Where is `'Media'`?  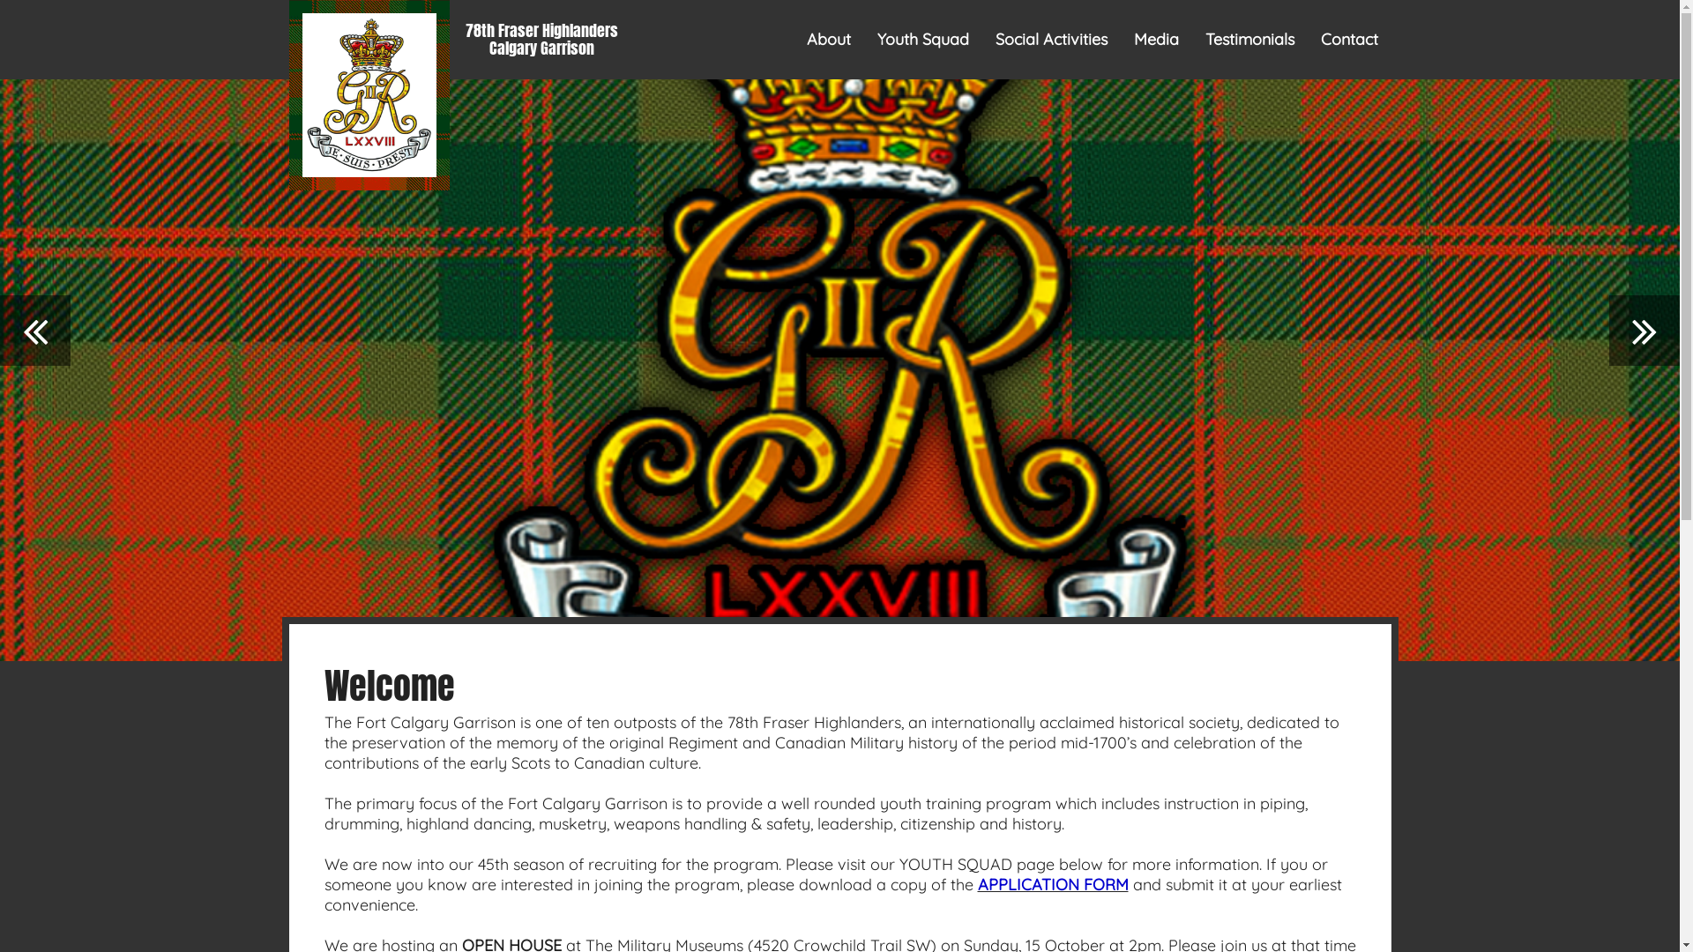
'Media' is located at coordinates (1156, 40).